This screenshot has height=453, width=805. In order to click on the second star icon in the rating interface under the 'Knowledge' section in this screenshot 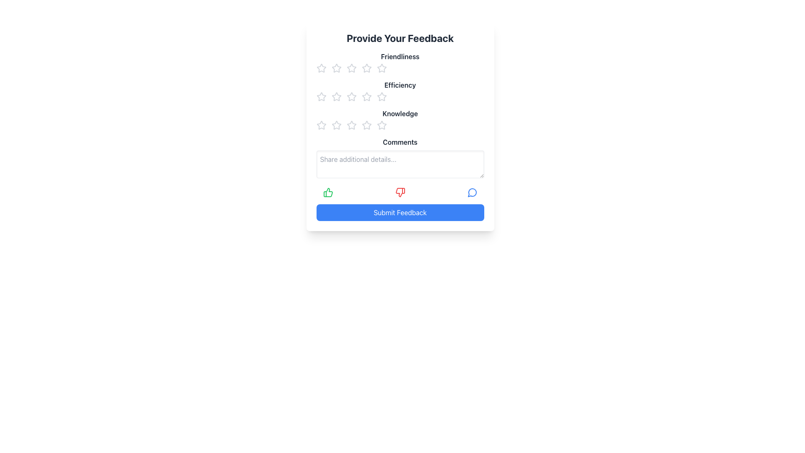, I will do `click(336, 125)`.